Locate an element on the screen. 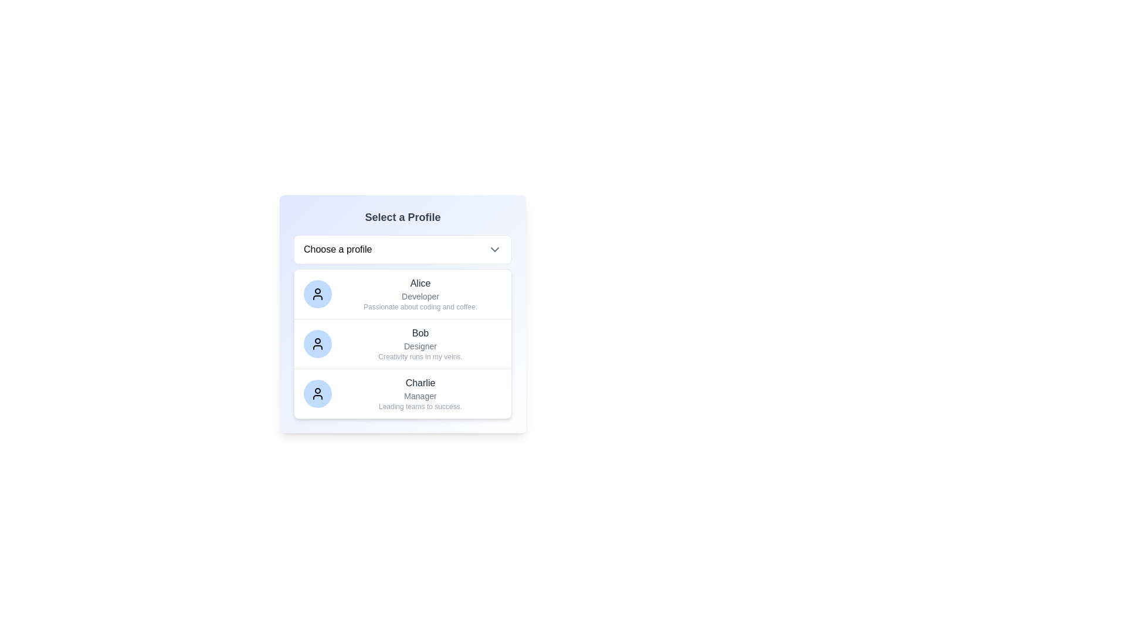  the user silhouette icon with a bold black outline that represents 'Charlie, Manager' in the profile selection section is located at coordinates (318, 393).